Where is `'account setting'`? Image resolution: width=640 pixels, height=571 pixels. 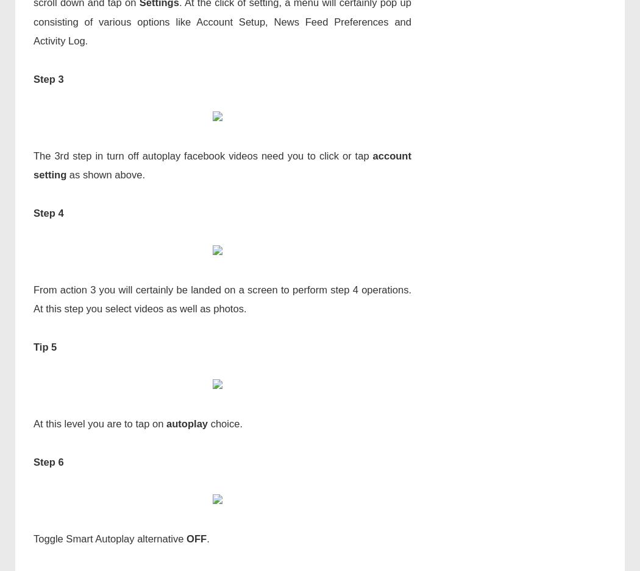 'account setting' is located at coordinates (221, 165).